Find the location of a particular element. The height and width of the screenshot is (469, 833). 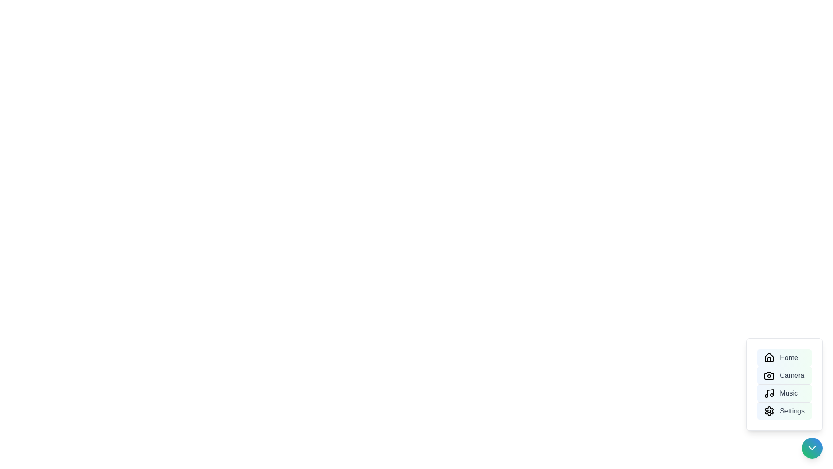

button with the chevron-down icon to toggle the speed dial menu is located at coordinates (812, 448).